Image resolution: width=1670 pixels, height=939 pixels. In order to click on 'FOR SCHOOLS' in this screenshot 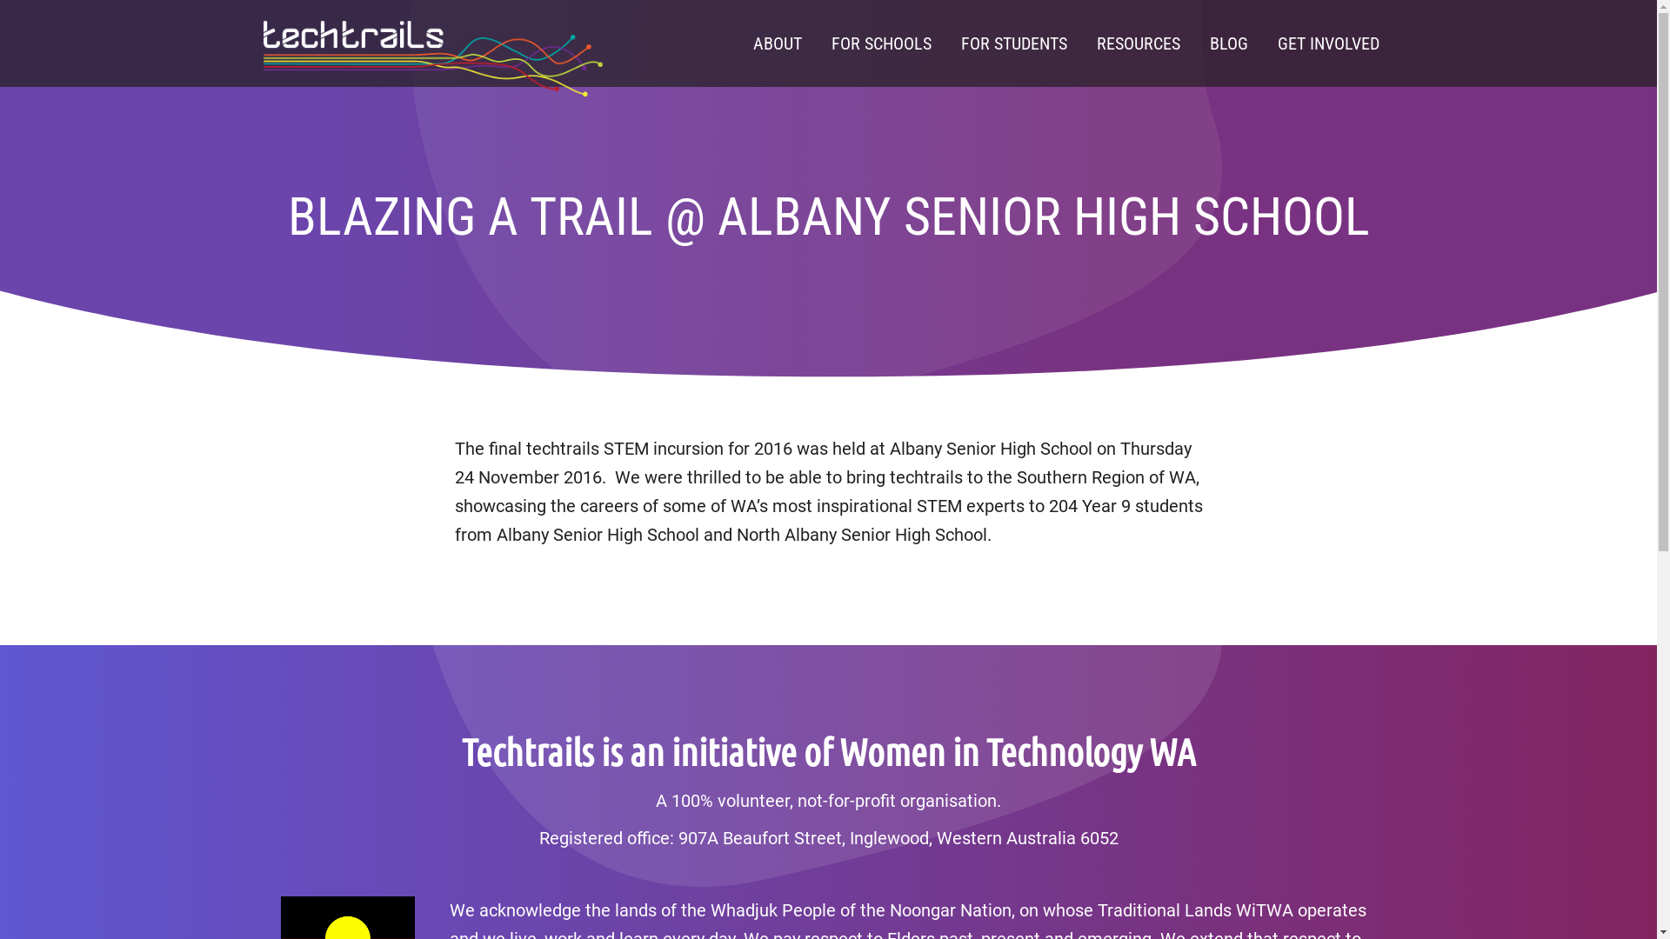, I will do `click(880, 43)`.